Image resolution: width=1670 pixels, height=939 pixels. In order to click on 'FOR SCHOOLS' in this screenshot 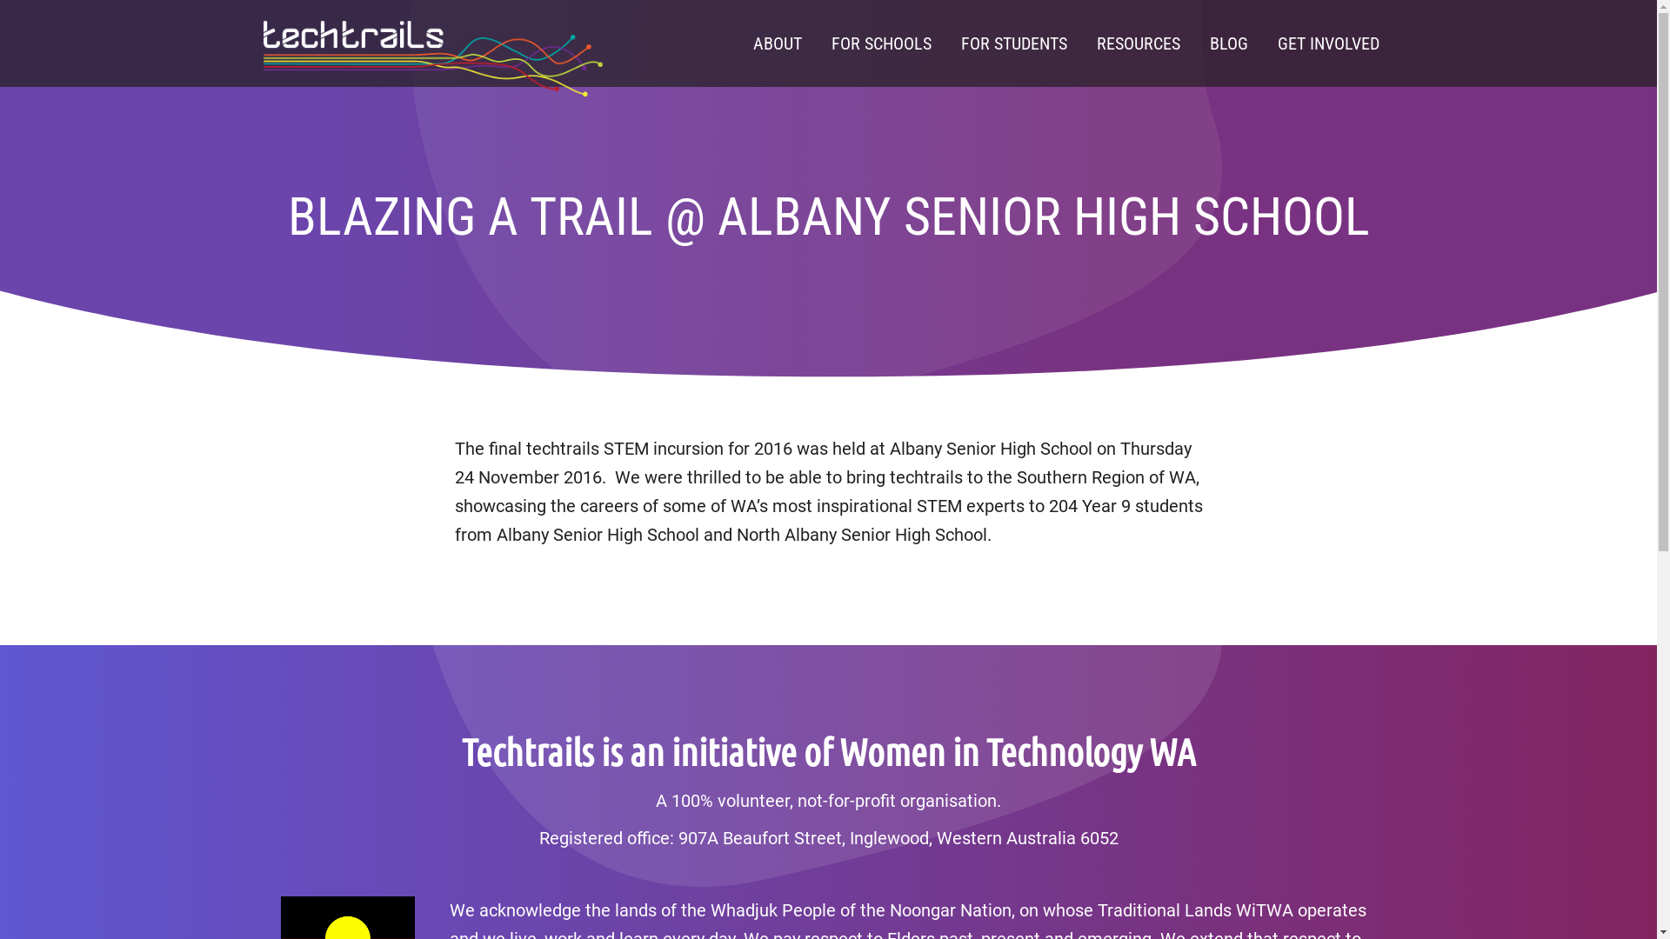, I will do `click(880, 43)`.